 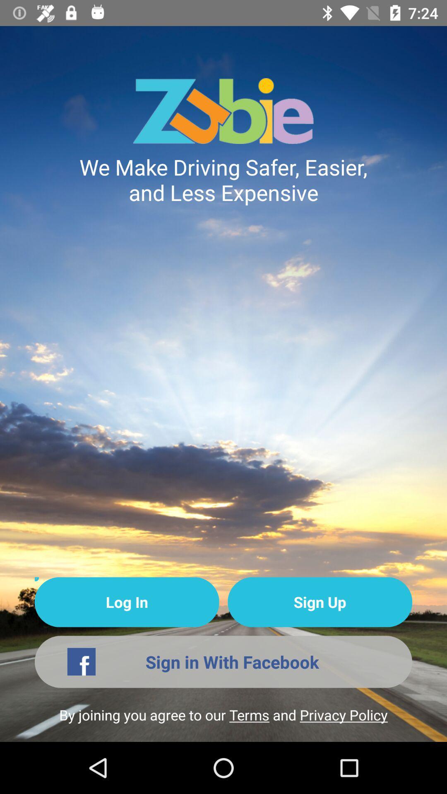 I want to click on log in, so click(x=127, y=602).